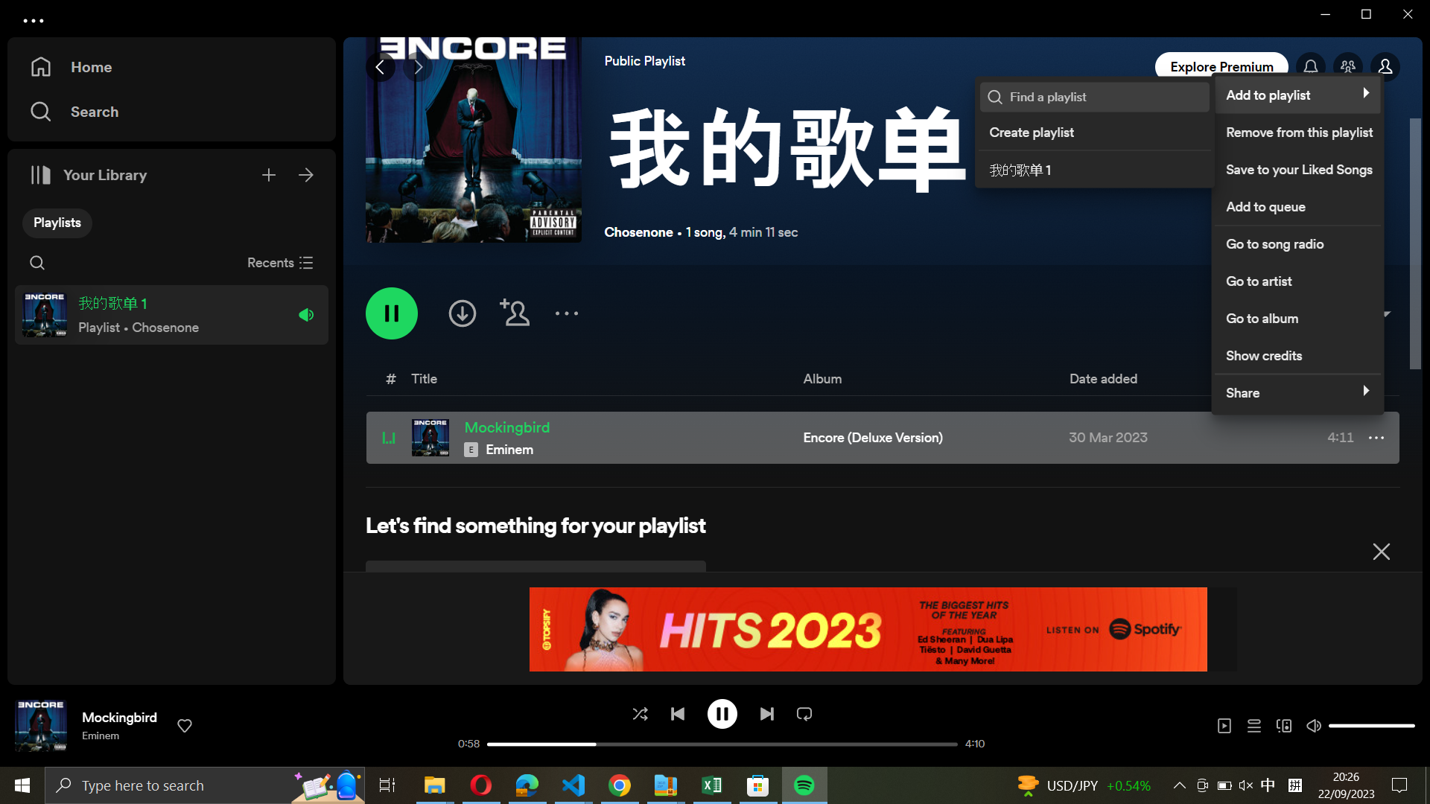 The height and width of the screenshot is (804, 1430). What do you see at coordinates (1093, 129) in the screenshot?
I see `a fresh playlist named "post rock` at bounding box center [1093, 129].